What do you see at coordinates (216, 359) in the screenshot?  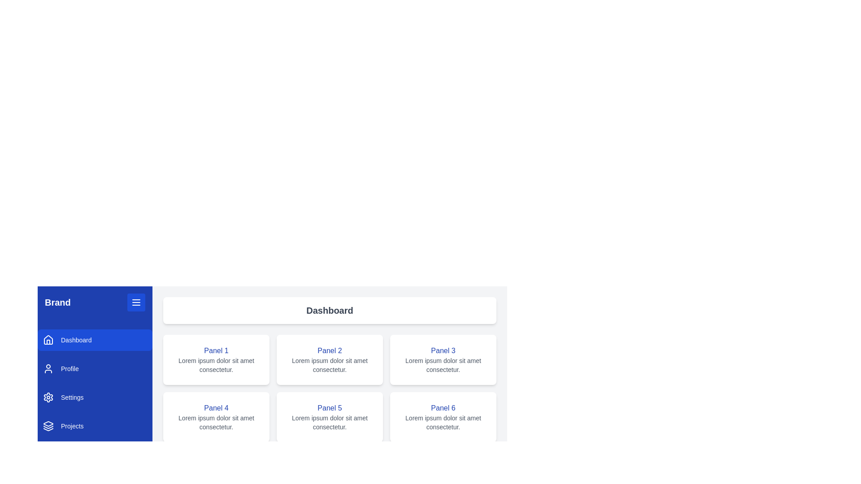 I see `the Informational Card labeled 'Panel 1' that has a white background and contains the text 'Panel 1' in bold blue font` at bounding box center [216, 359].